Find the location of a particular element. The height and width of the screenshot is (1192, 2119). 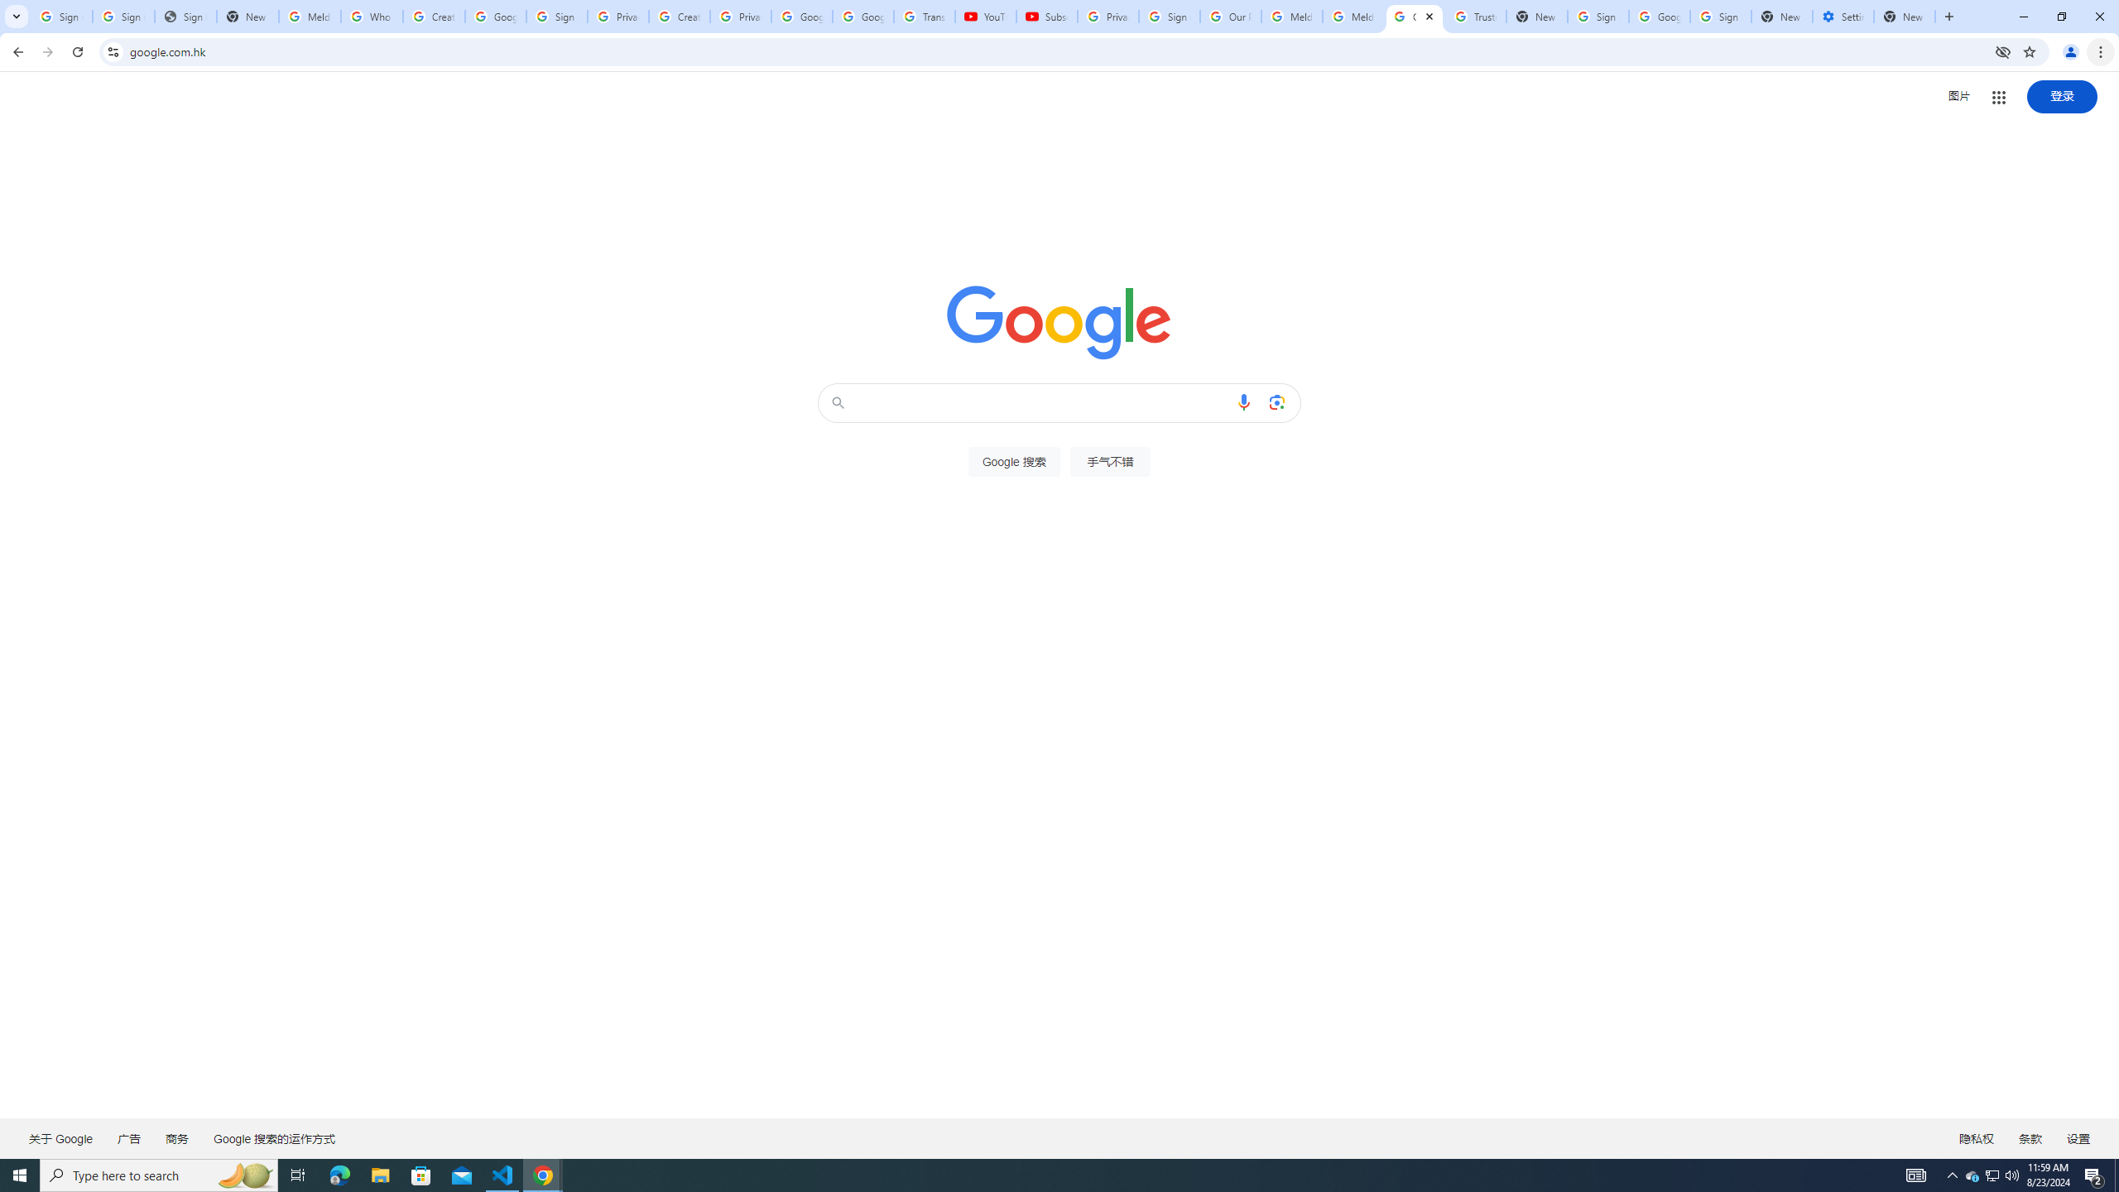

'Create your Google Account' is located at coordinates (679, 16).